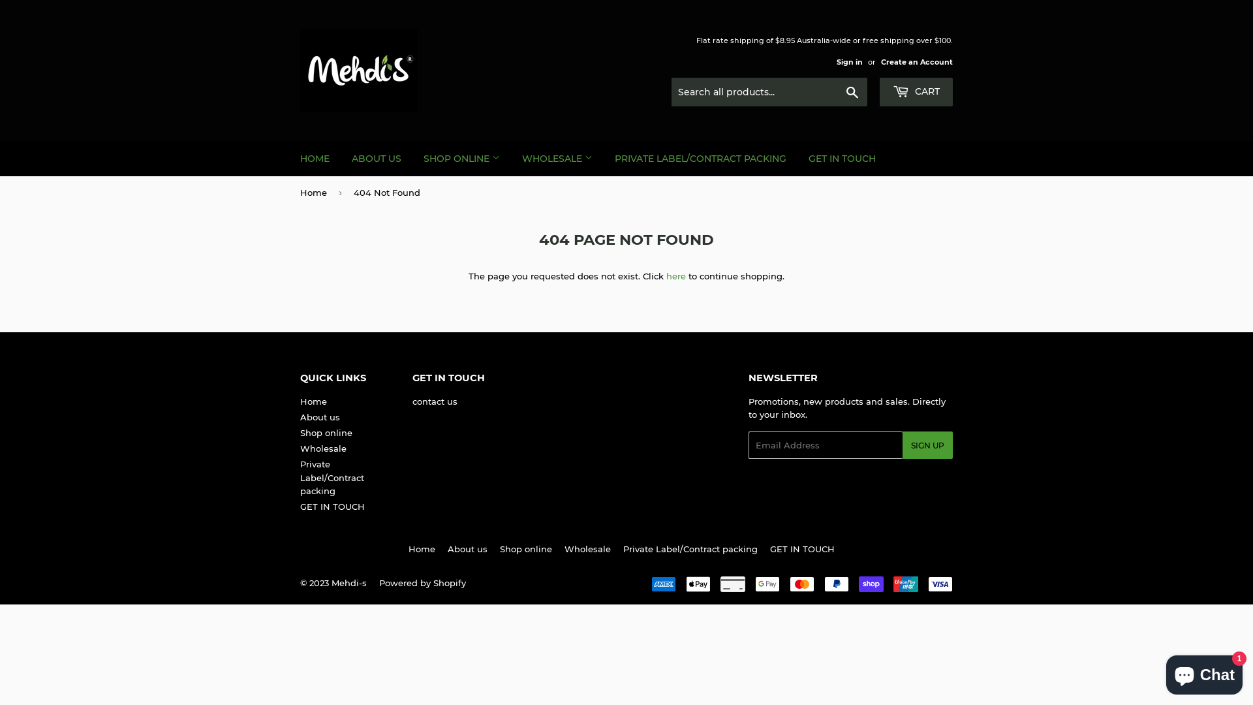 This screenshot has height=705, width=1253. I want to click on 'Home', so click(313, 400).